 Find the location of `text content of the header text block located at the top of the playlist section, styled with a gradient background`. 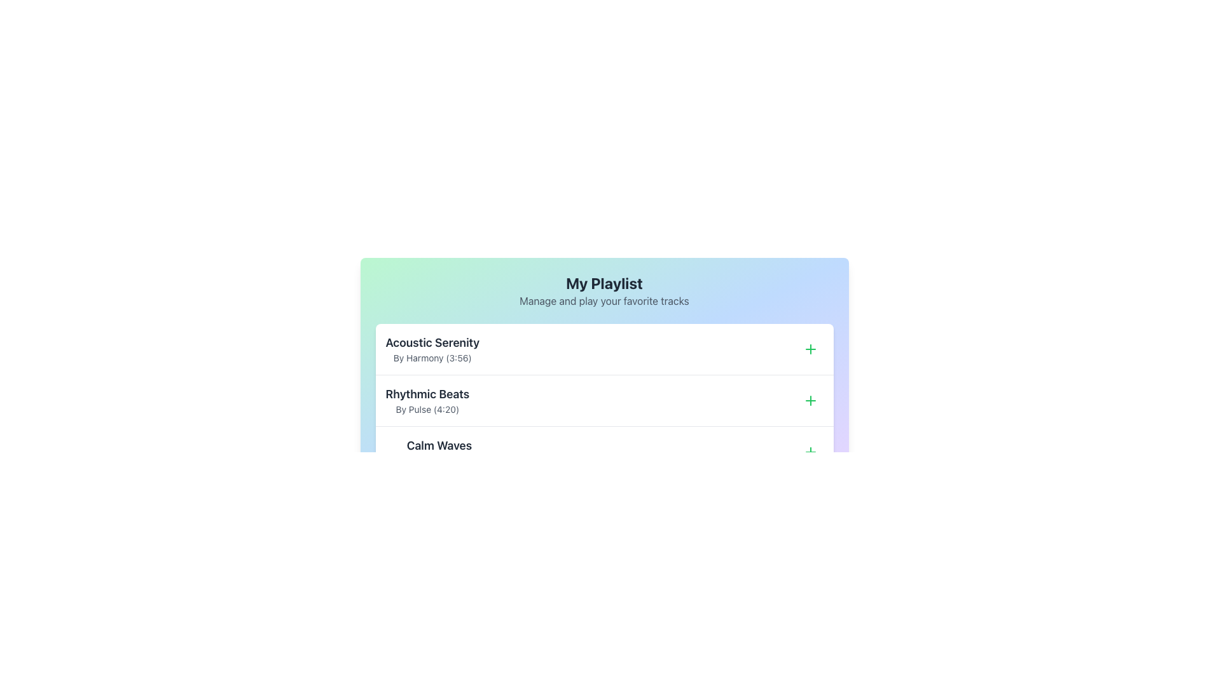

text content of the header text block located at the top of the playlist section, styled with a gradient background is located at coordinates (604, 291).